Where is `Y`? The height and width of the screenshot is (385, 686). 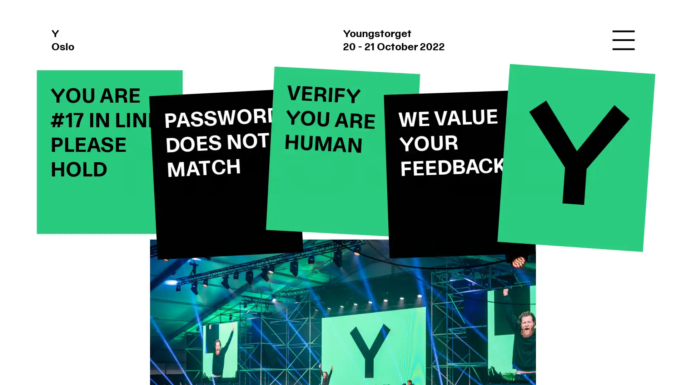
Y is located at coordinates (576, 157).